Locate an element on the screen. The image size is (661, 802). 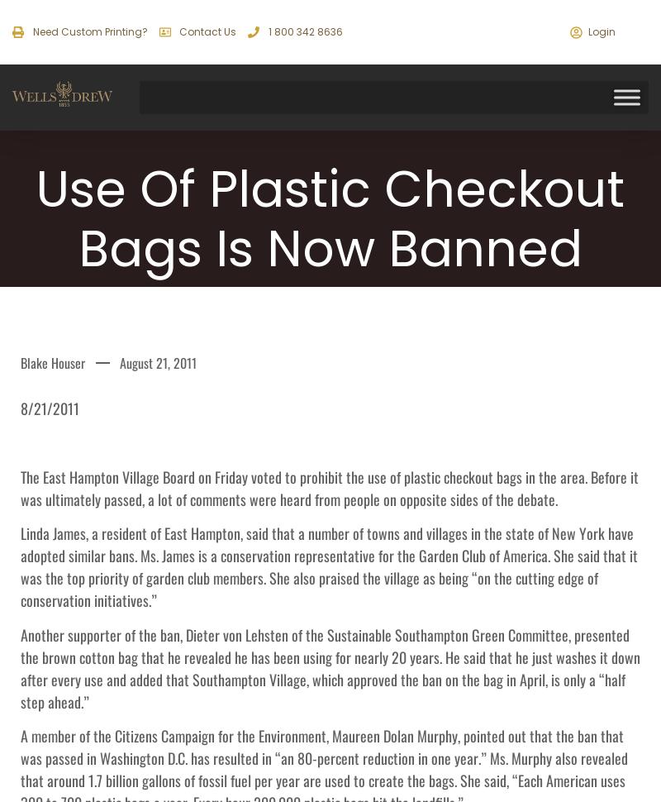
'8/21/2011' is located at coordinates (49, 408).